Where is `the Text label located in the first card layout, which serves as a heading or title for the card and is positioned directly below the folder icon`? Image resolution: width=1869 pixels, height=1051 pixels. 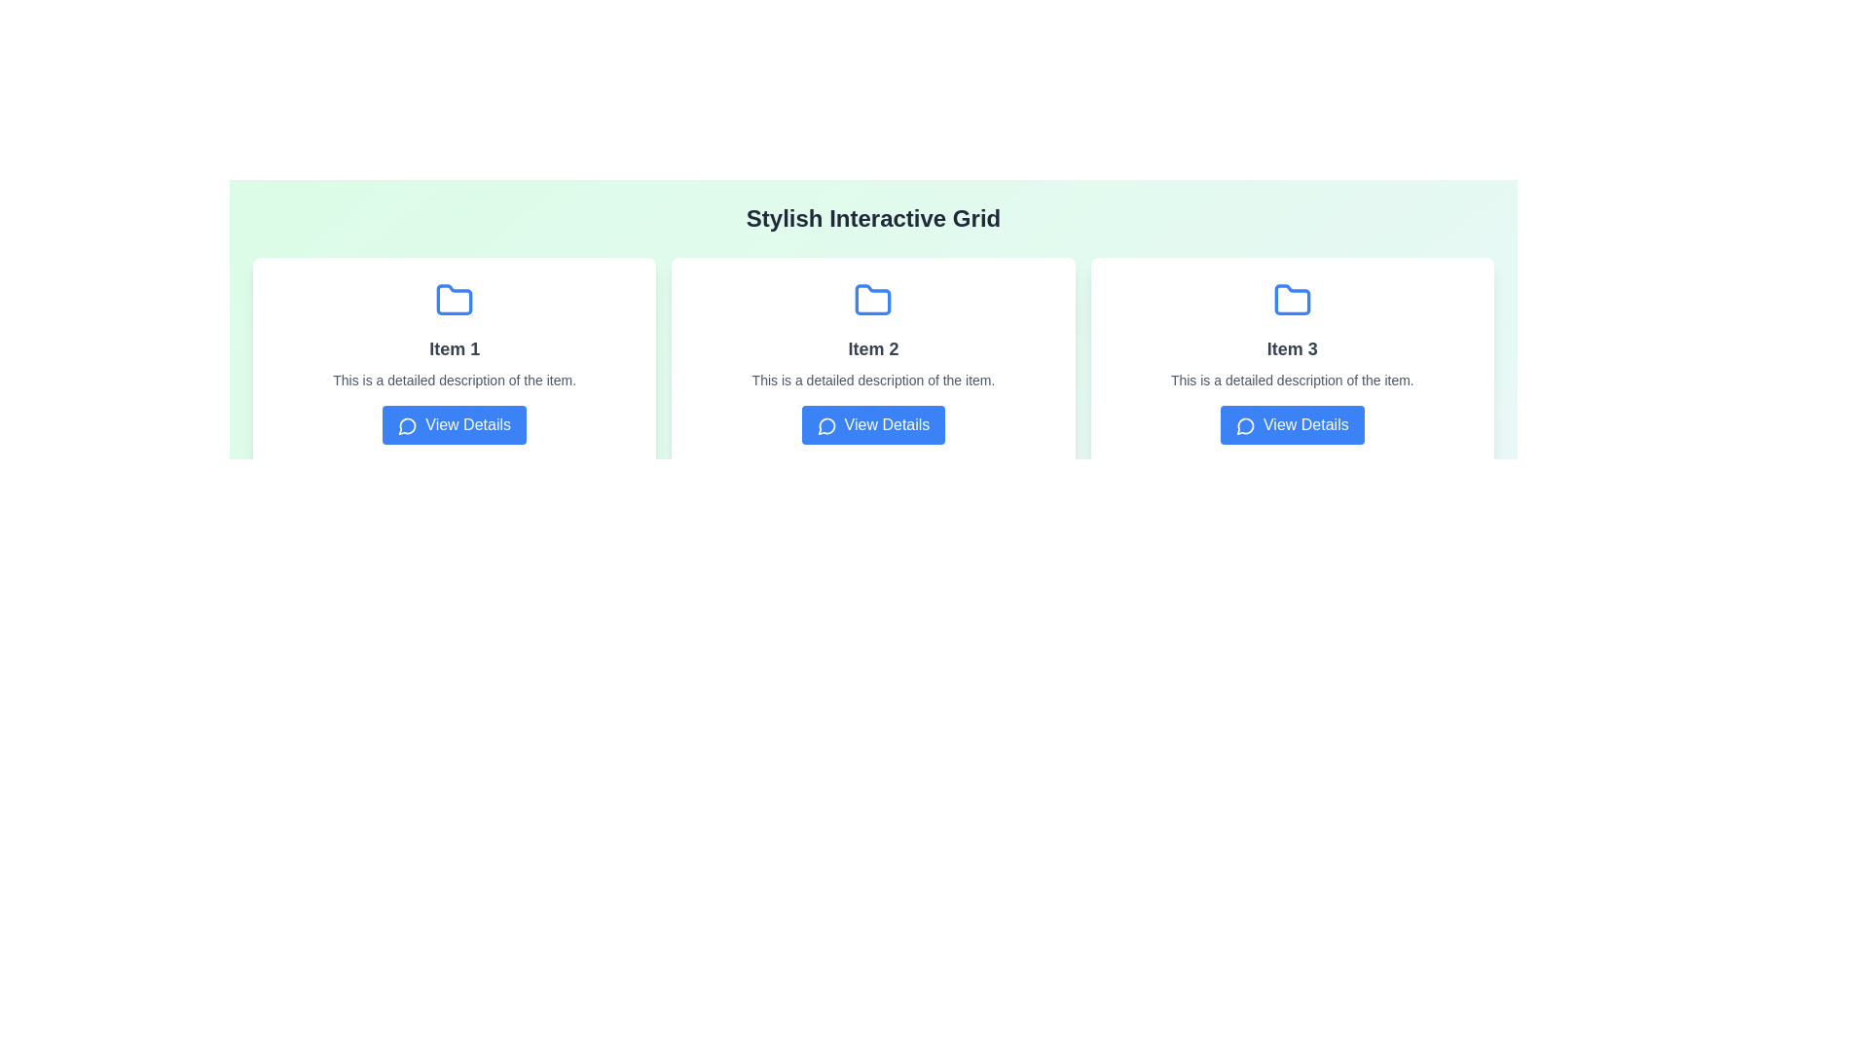
the Text label located in the first card layout, which serves as a heading or title for the card and is positioned directly below the folder icon is located at coordinates (454, 347).